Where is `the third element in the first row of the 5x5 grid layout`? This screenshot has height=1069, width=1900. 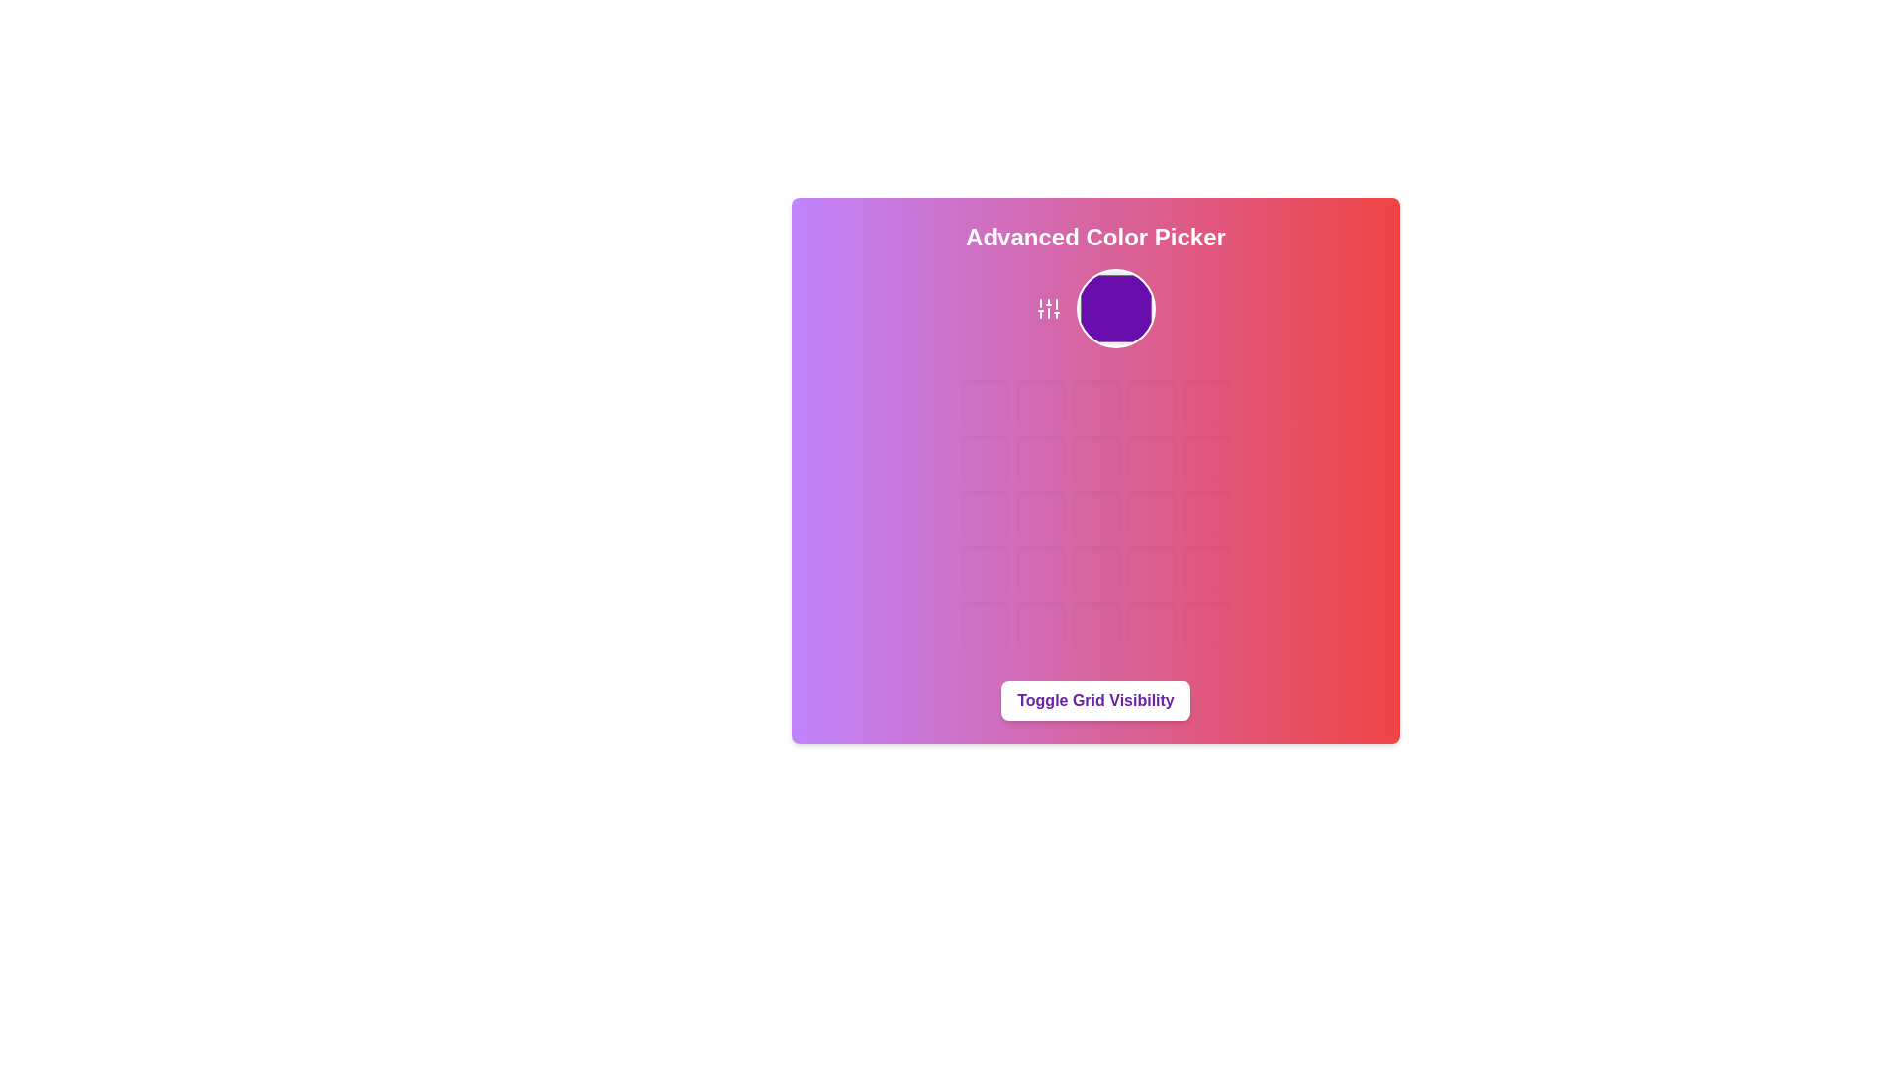 the third element in the first row of the 5x5 grid layout is located at coordinates (1094, 403).